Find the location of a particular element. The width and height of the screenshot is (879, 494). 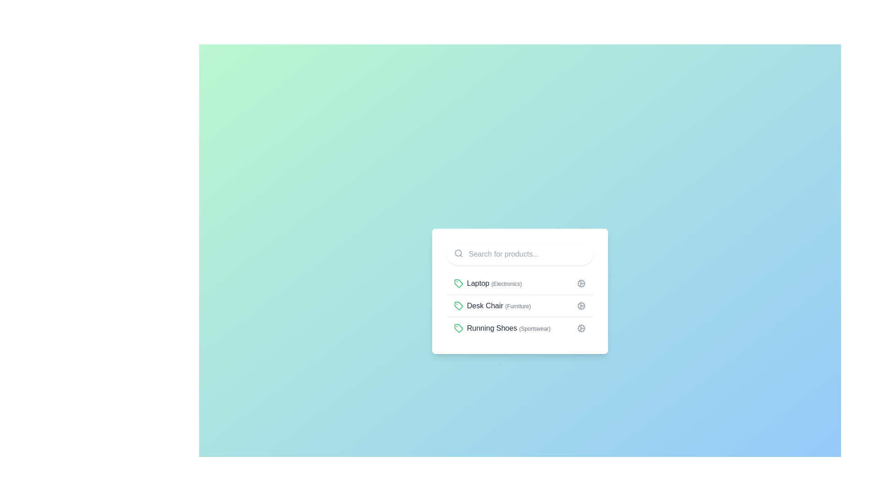

the search icon located at the top-left corner of the search bar, which visually indicates the search functionality is located at coordinates (459, 253).